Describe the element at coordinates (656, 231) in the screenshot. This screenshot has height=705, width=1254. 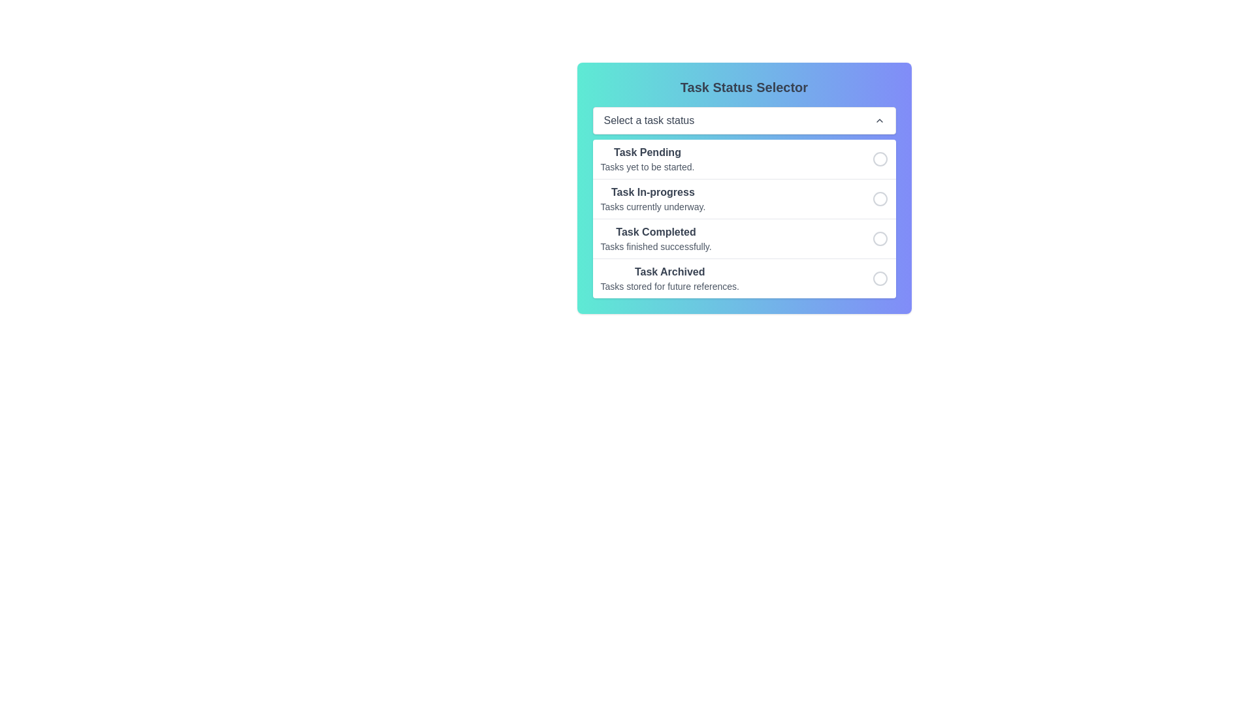
I see `the bold text label 'Task Completed' which indicates a task completion state, located in the third selectable row of the 'Task Status Selector' dropdown menu` at that location.